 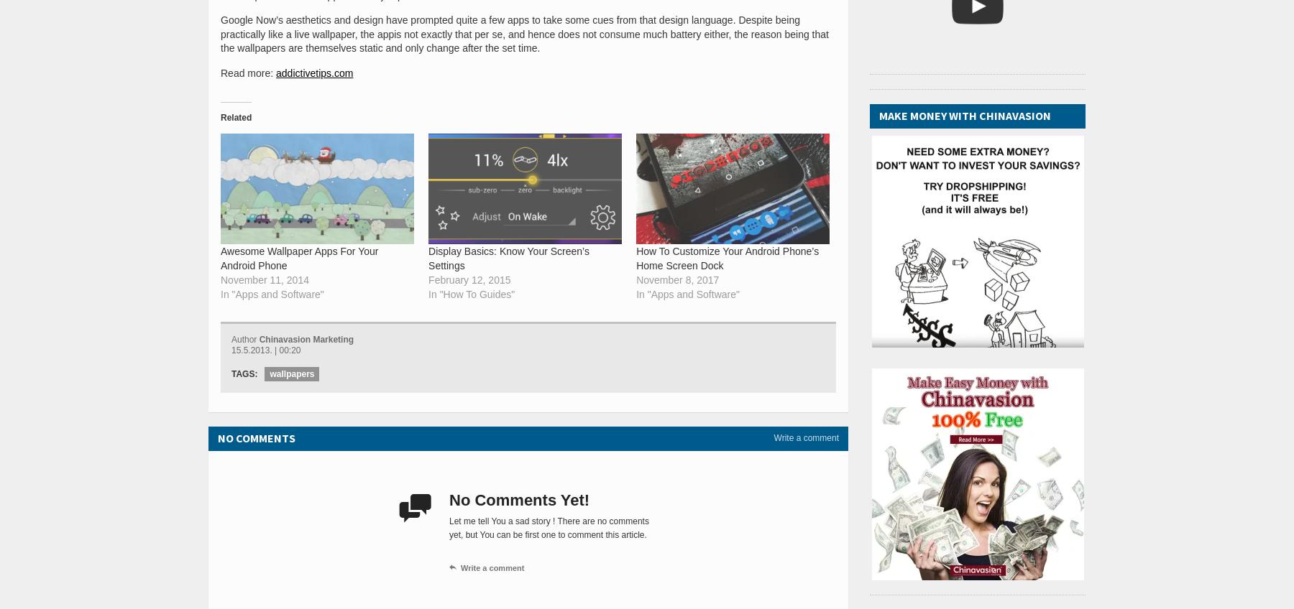 What do you see at coordinates (523, 33) in the screenshot?
I see `'Google Now’s aesthetics and design have prompted quite a few apps to take some cues from that design language. Despite being practically like a live wallpaper, the appis not exactly that per se, and hence does not consume much battery either, the reason being that the wallpapers are themselves static and only change after the set time.'` at bounding box center [523, 33].